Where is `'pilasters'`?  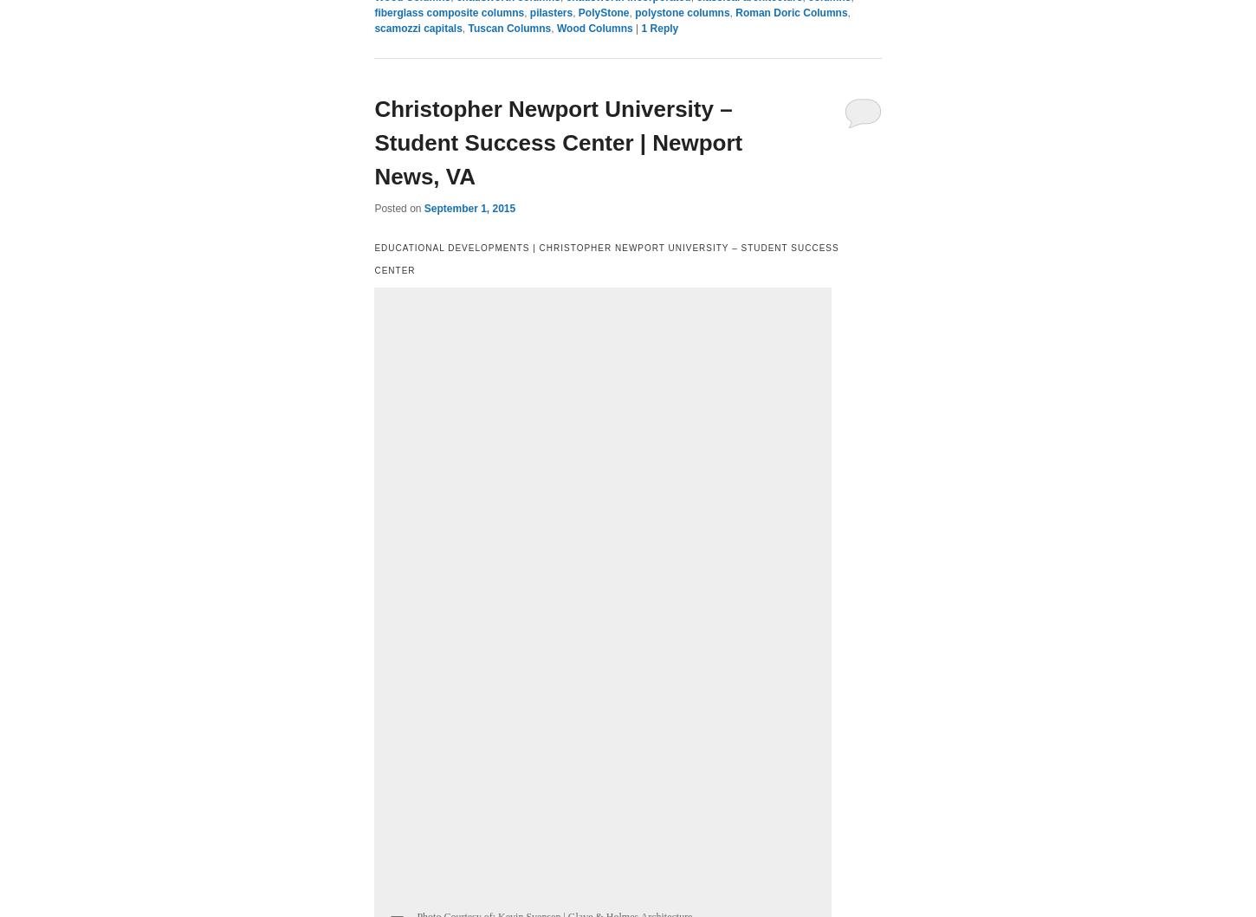 'pilasters' is located at coordinates (549, 13).